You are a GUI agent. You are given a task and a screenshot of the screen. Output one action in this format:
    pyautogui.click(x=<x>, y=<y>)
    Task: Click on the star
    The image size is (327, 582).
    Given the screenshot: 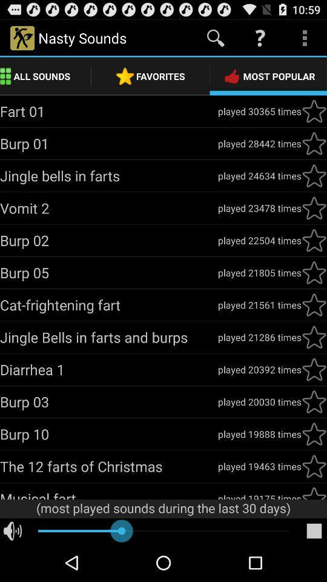 What is the action you would take?
    pyautogui.click(x=314, y=337)
    